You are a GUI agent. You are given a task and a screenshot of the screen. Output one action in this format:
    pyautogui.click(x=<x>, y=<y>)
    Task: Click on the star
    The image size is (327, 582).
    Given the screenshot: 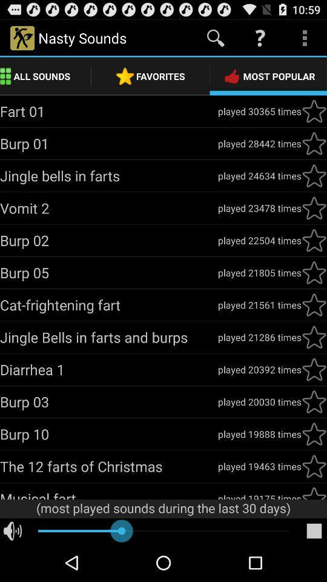 What is the action you would take?
    pyautogui.click(x=314, y=337)
    